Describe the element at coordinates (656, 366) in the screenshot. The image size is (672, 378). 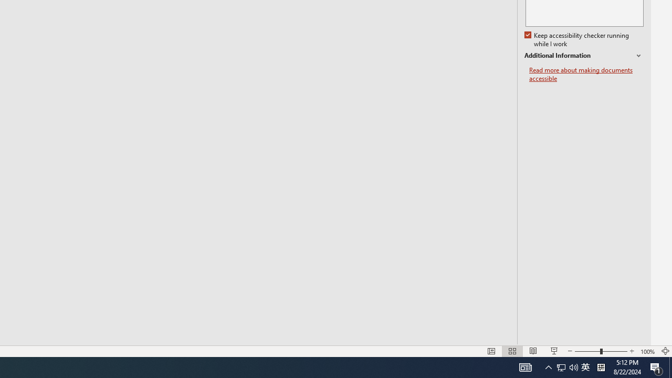
I see `'Action Center, 1 new notification'` at that location.